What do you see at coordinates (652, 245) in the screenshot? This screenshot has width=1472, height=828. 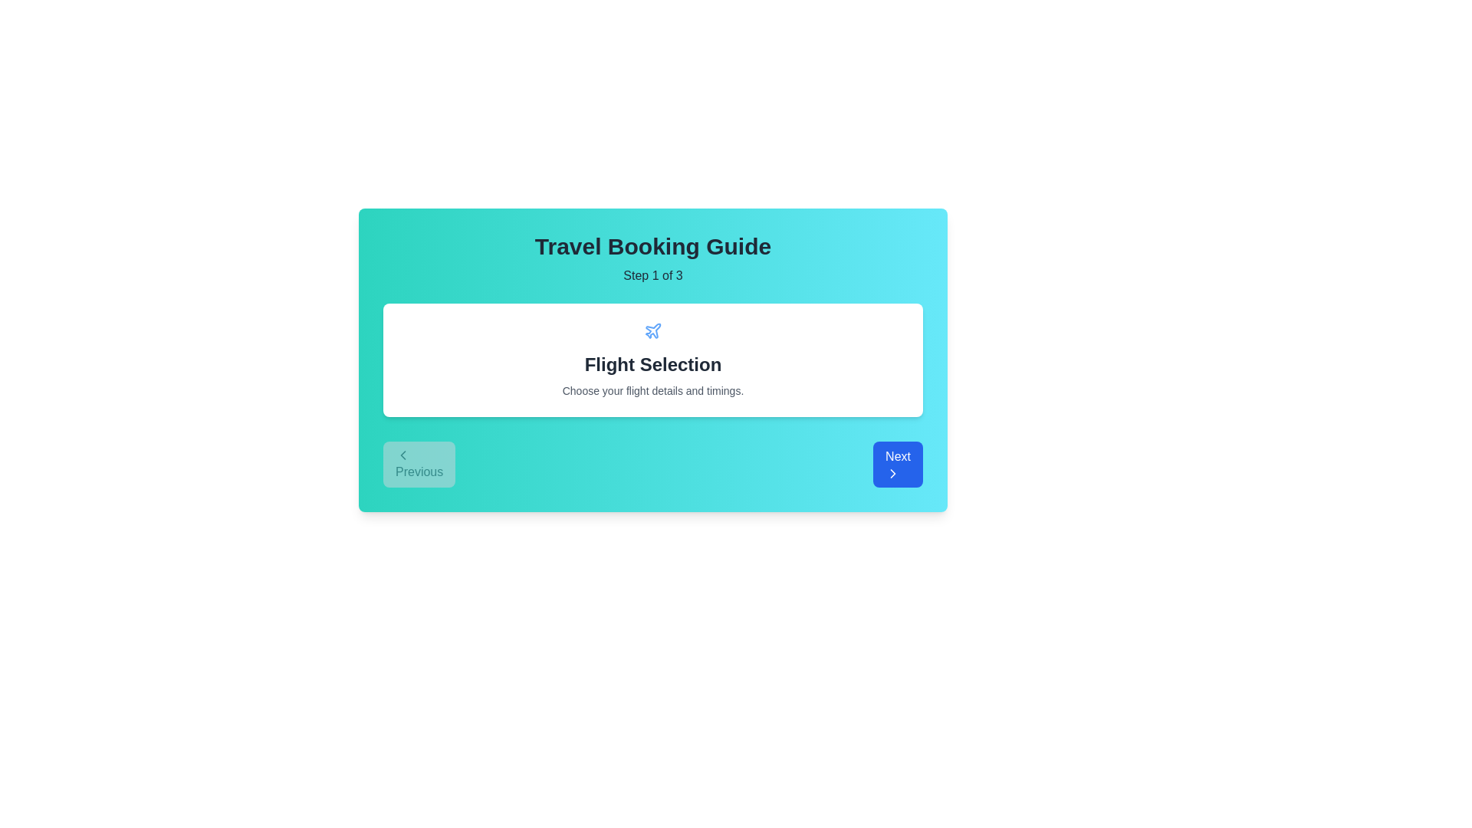 I see `the title label that serves as a heading for the travel booking guide, positioned above 'Step 1 of 3' and centered horizontally` at bounding box center [652, 245].